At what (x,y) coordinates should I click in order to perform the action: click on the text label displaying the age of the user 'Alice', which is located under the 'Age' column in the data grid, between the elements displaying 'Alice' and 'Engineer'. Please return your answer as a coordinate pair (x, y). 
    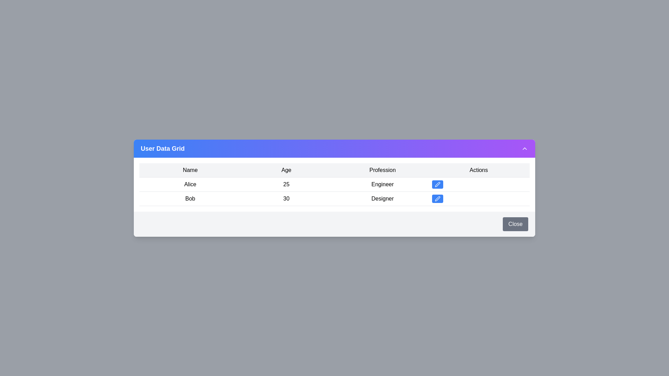
    Looking at the image, I should click on (286, 184).